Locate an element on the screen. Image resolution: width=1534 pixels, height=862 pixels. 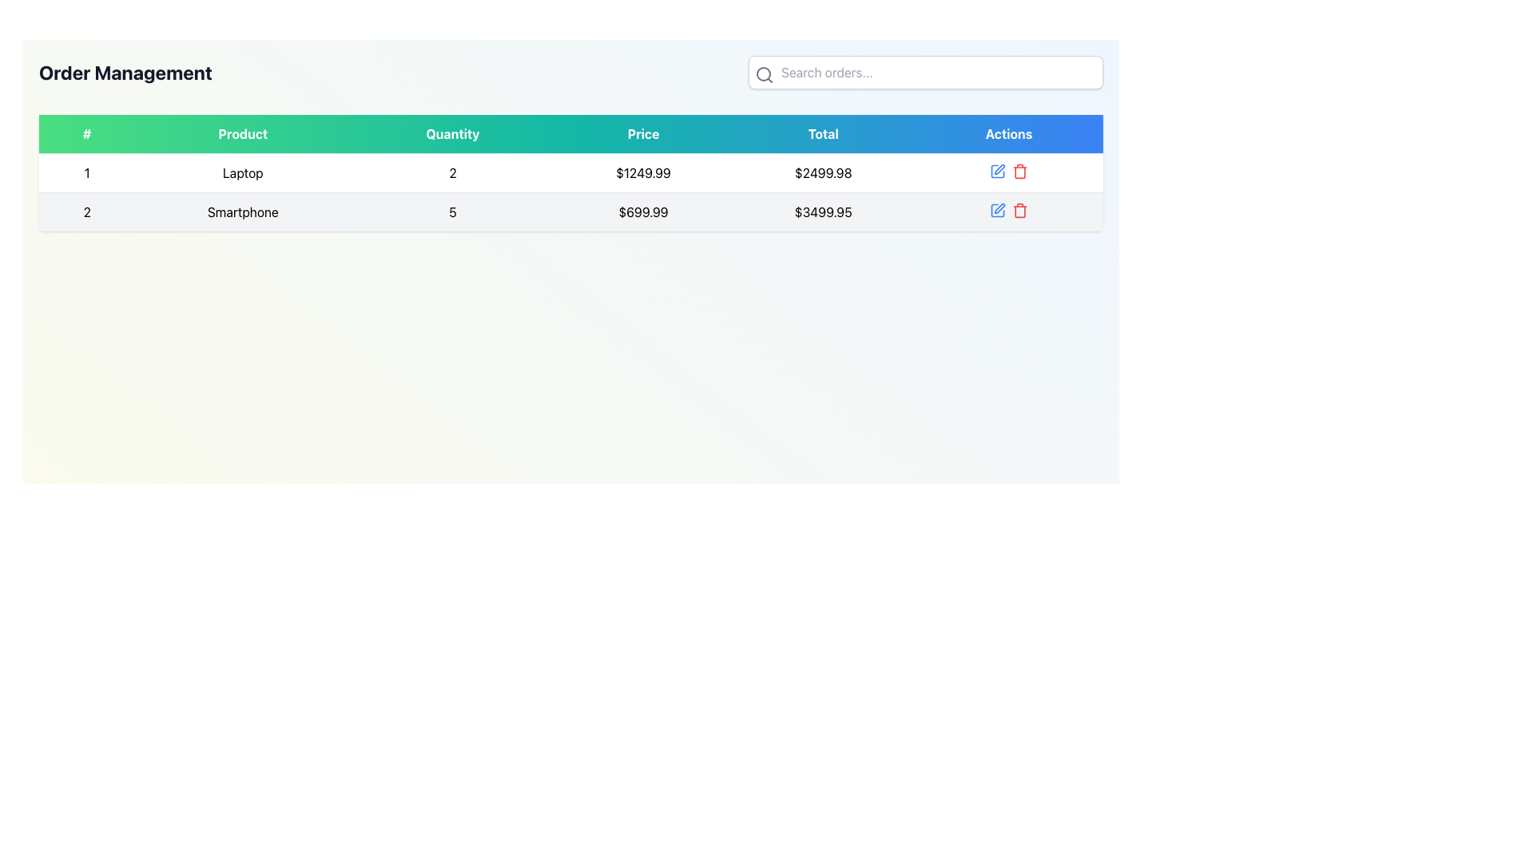
the text element that serves as an identifier for the respective row in the table, located at the top-left corner of the tabular data layout in the '#' column is located at coordinates (86, 172).